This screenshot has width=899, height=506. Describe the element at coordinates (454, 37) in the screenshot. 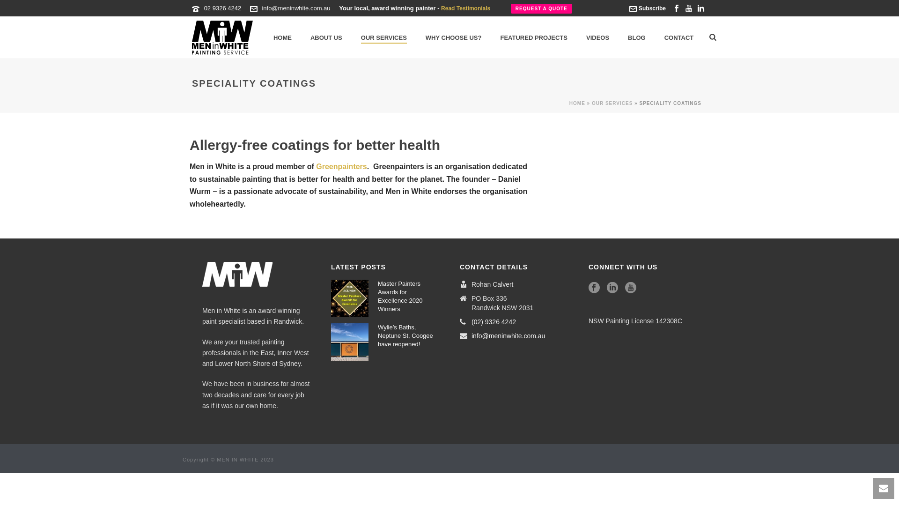

I see `'WHY CHOOSE US?'` at that location.